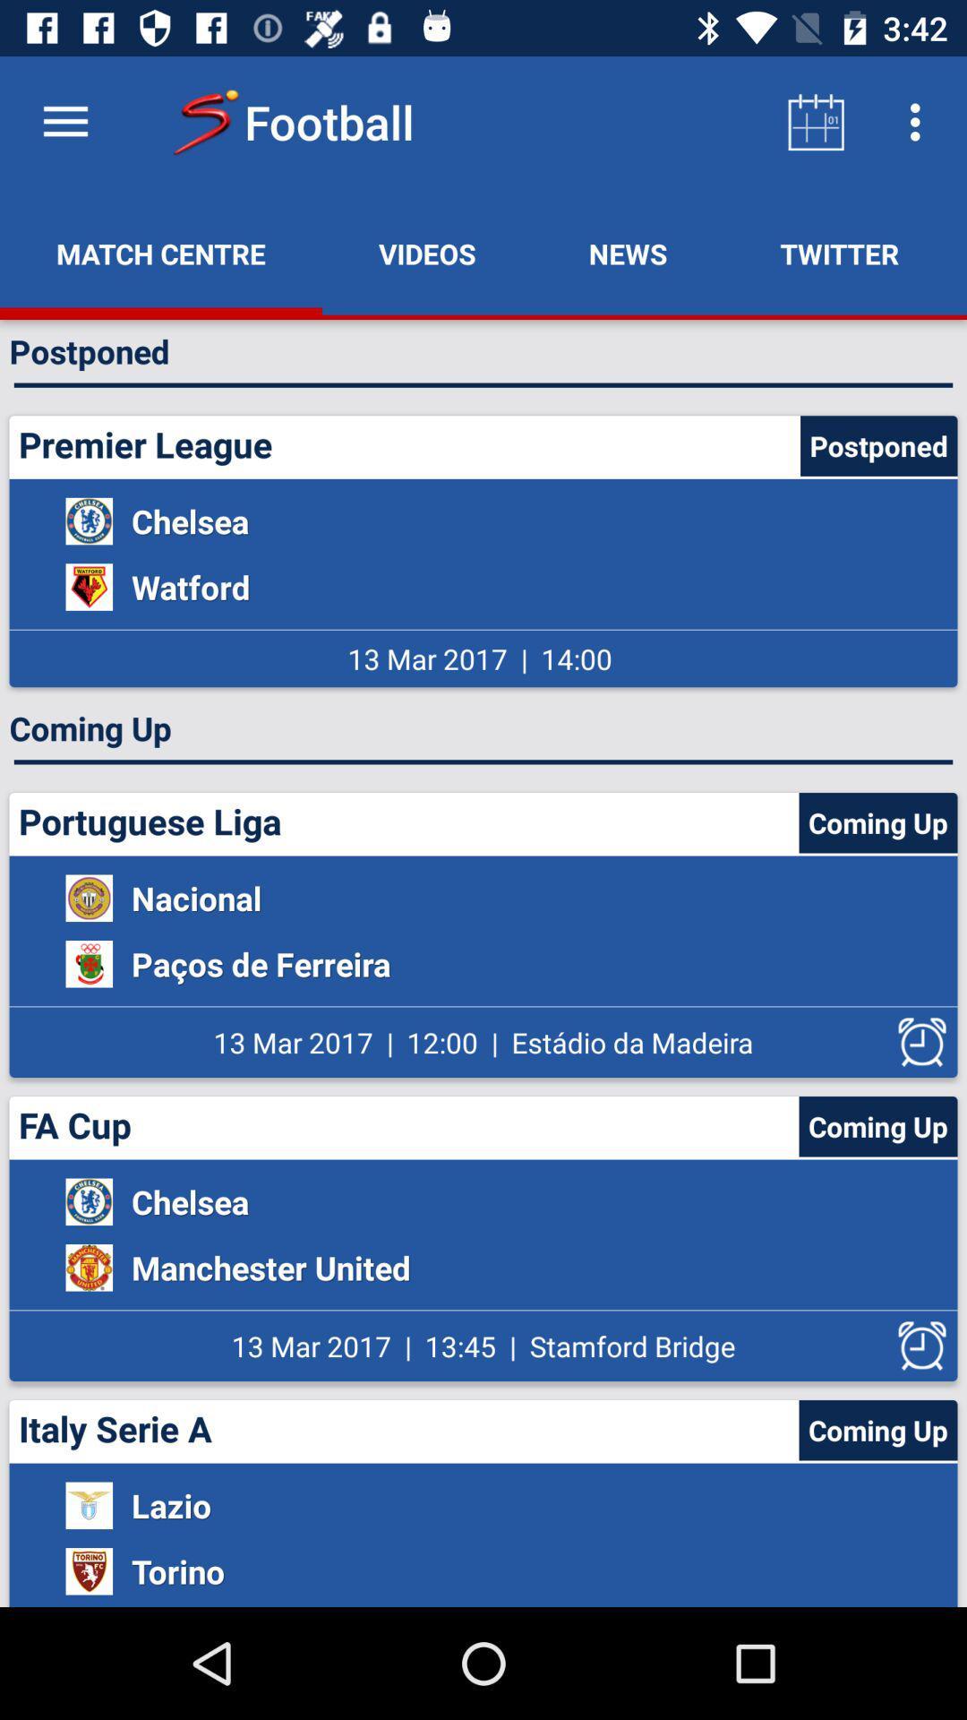 This screenshot has height=1720, width=967. What do you see at coordinates (922, 1042) in the screenshot?
I see `set alarm` at bounding box center [922, 1042].